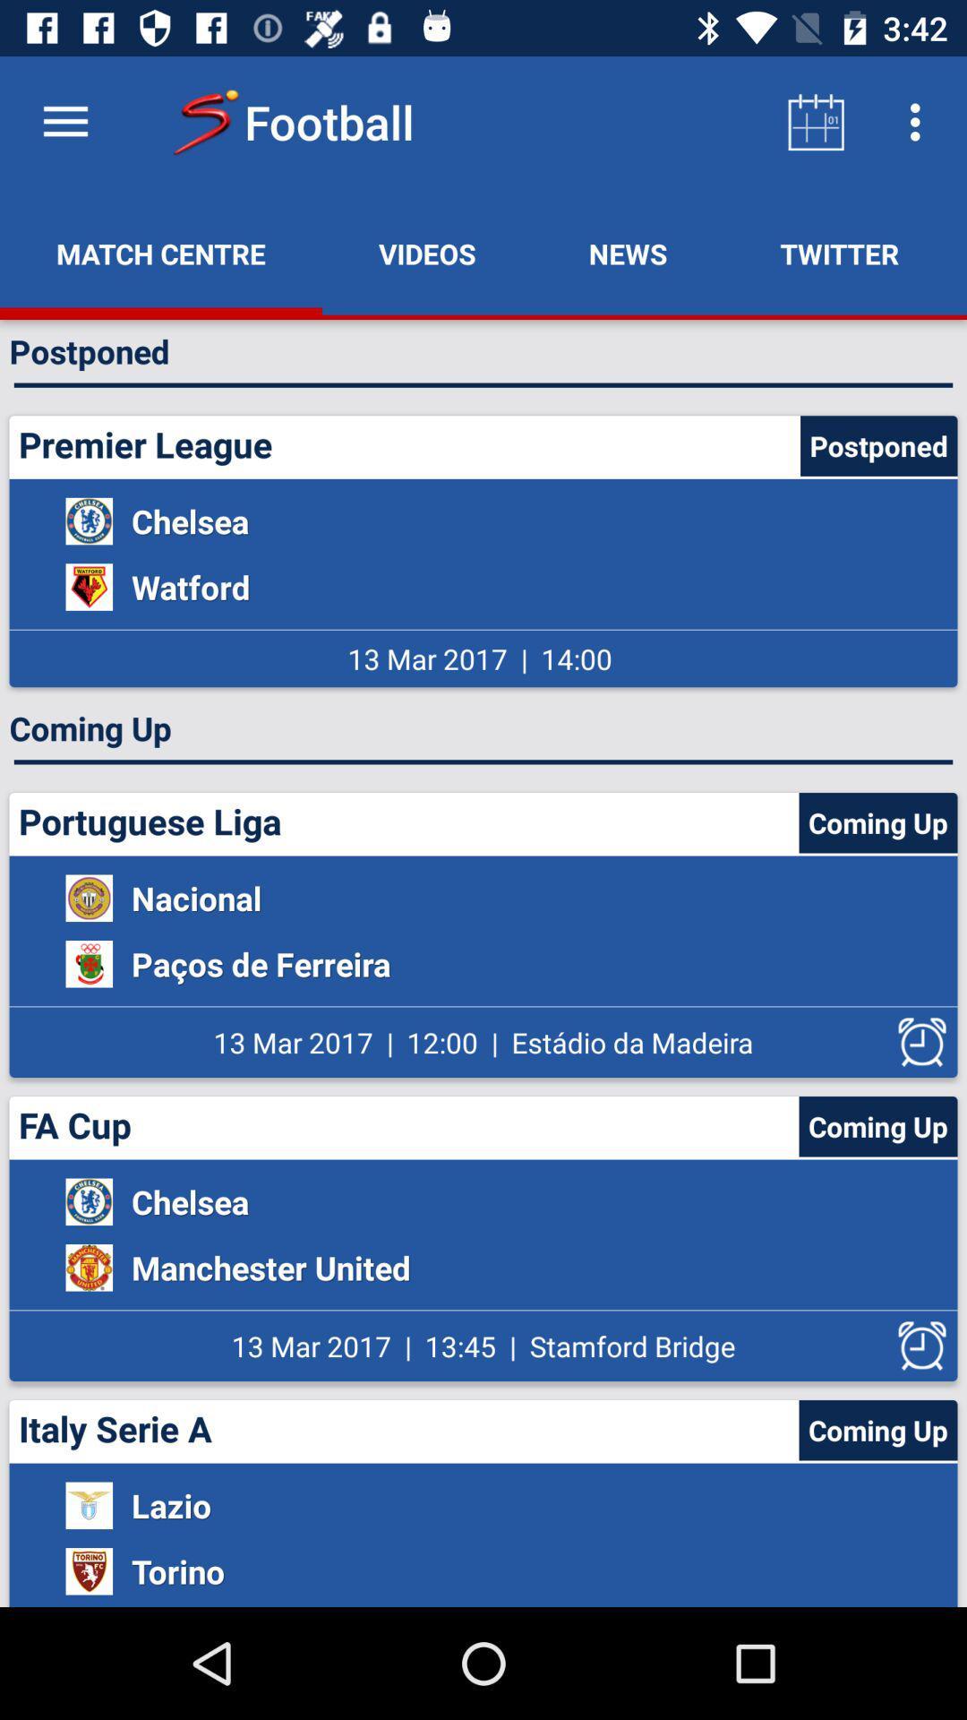 This screenshot has height=1720, width=967. What do you see at coordinates (922, 1042) in the screenshot?
I see `set alarm` at bounding box center [922, 1042].